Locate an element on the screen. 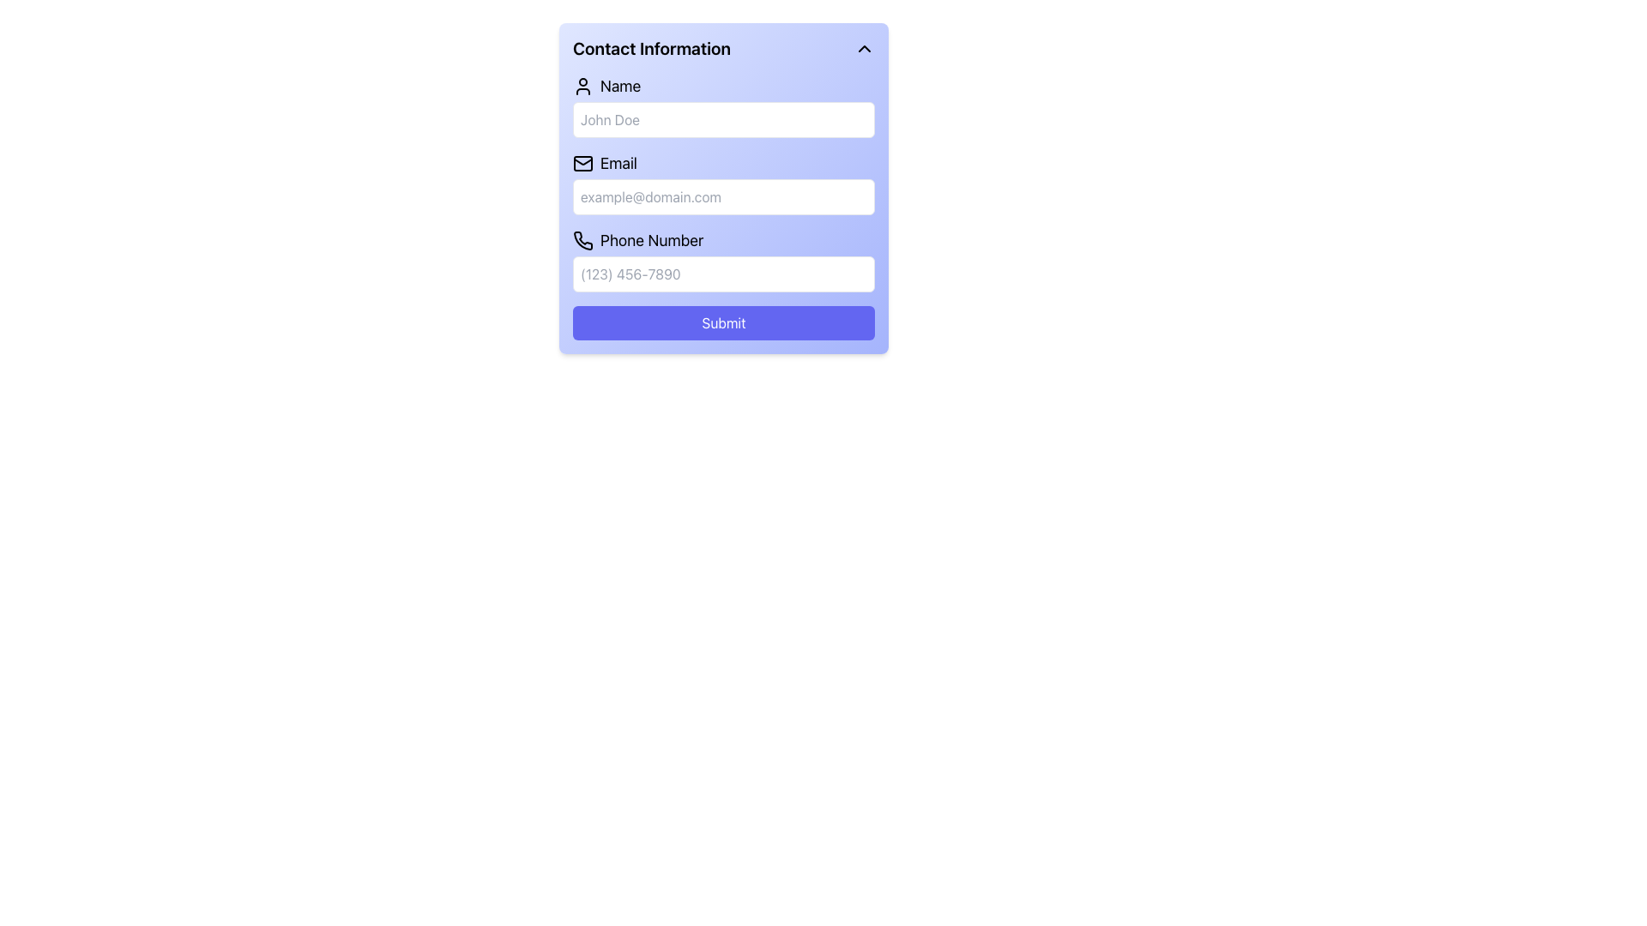 The height and width of the screenshot is (926, 1647). the 'Contact Information' header element, which displays the text in bold and larger font, aligned to the left, with a chevron icon on the right, indicating it is part of a collapsible section is located at coordinates (724, 48).